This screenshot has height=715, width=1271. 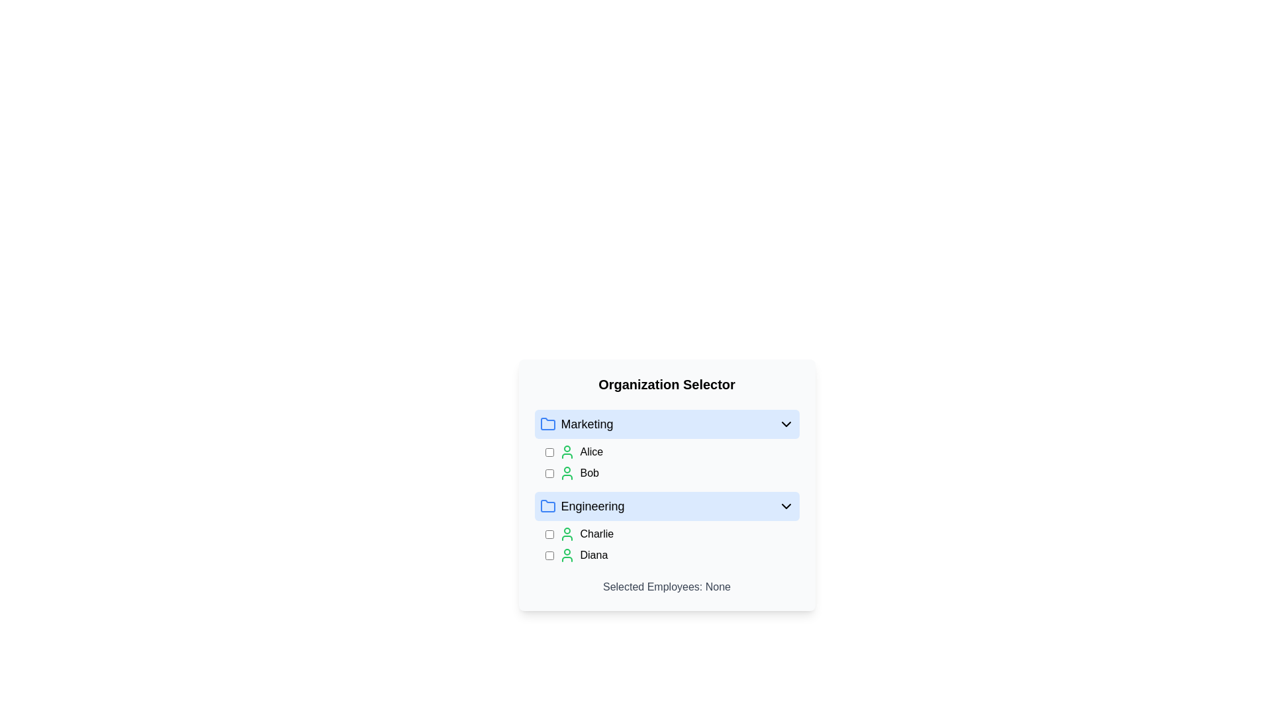 What do you see at coordinates (587, 424) in the screenshot?
I see `the text label displaying 'Marketing', which is styled with a medium font size and bold weight, located in the first collapsible section next to a blue folder icon` at bounding box center [587, 424].